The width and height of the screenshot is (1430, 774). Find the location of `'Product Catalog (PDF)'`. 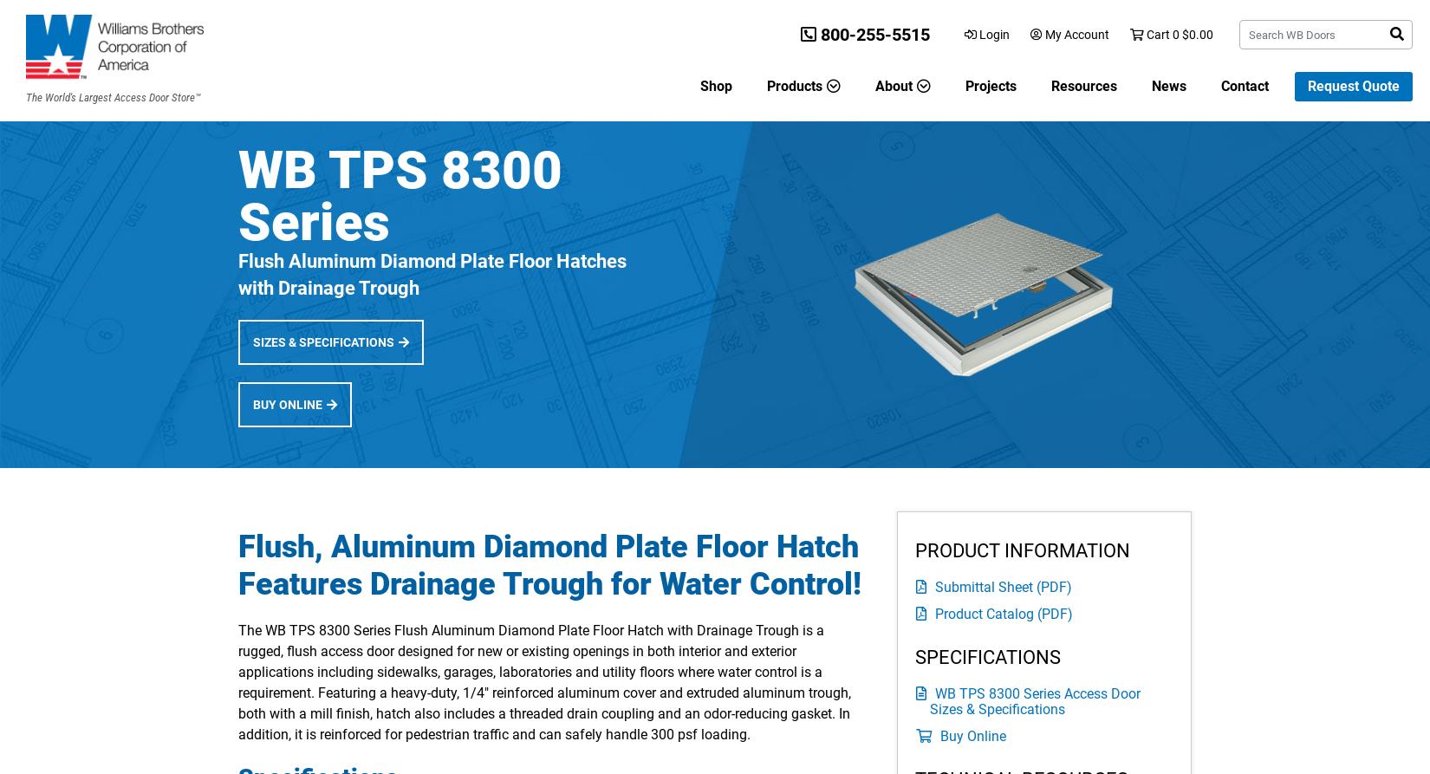

'Product Catalog (PDF)' is located at coordinates (1004, 613).